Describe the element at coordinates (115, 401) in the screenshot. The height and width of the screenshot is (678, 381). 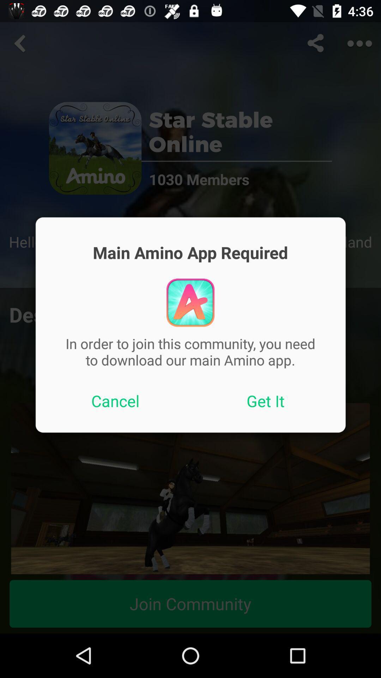
I see `icon to the left of get it item` at that location.